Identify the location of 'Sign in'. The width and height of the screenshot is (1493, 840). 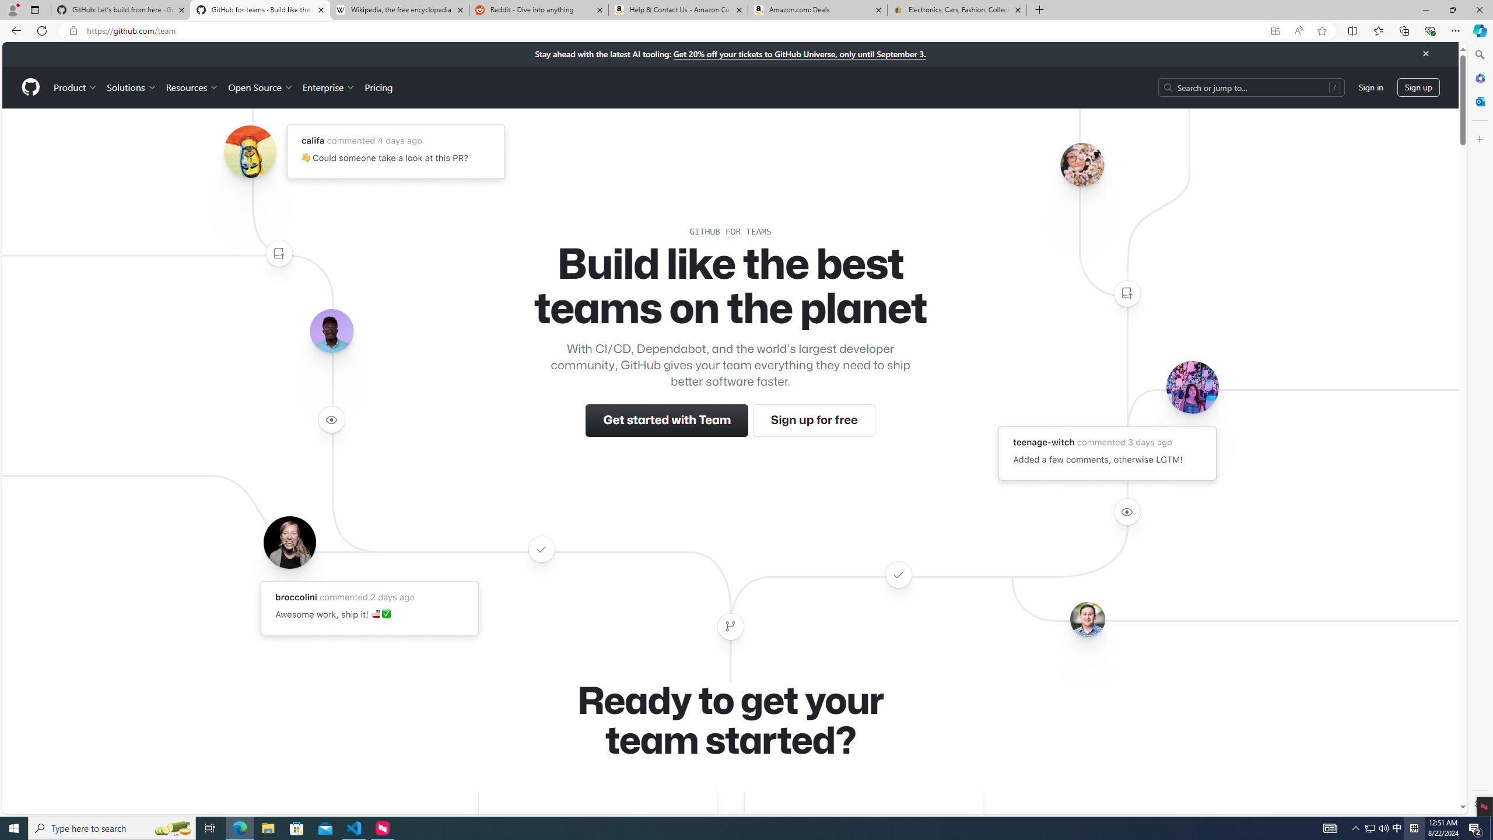
(1371, 87).